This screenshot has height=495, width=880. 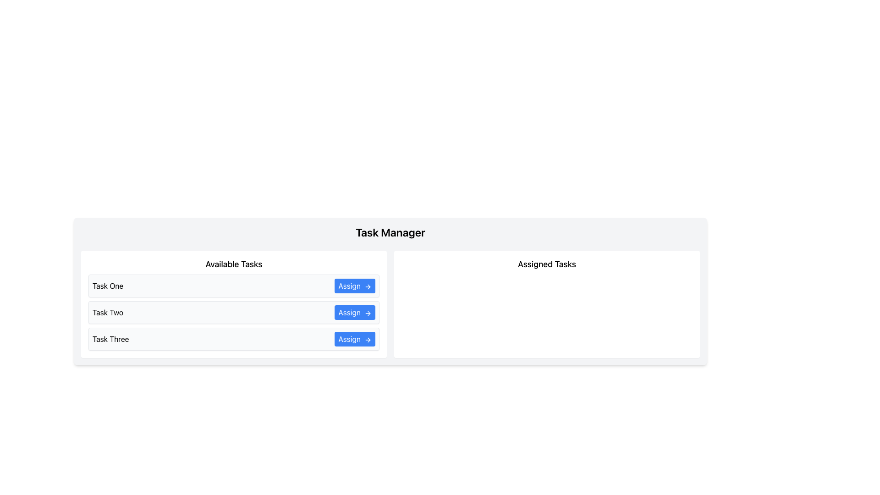 What do you see at coordinates (369, 313) in the screenshot?
I see `right-pointing chevron icon located within the SVG graphic adjacent to the blue 'Assign' button in the 'Available Tasks' section` at bounding box center [369, 313].